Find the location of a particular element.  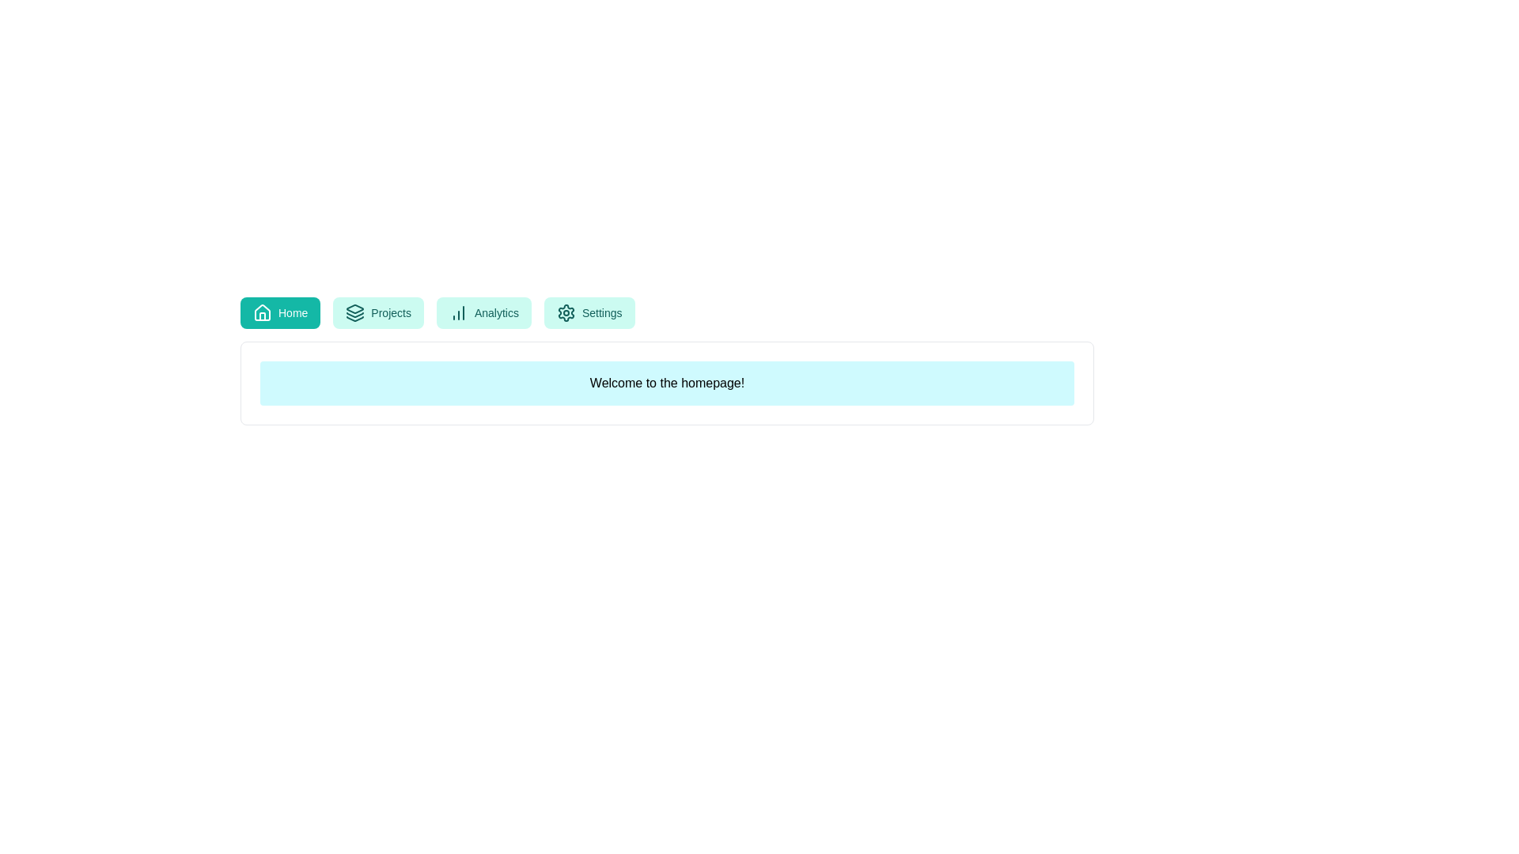

the Projects tab to view its content is located at coordinates (377, 313).